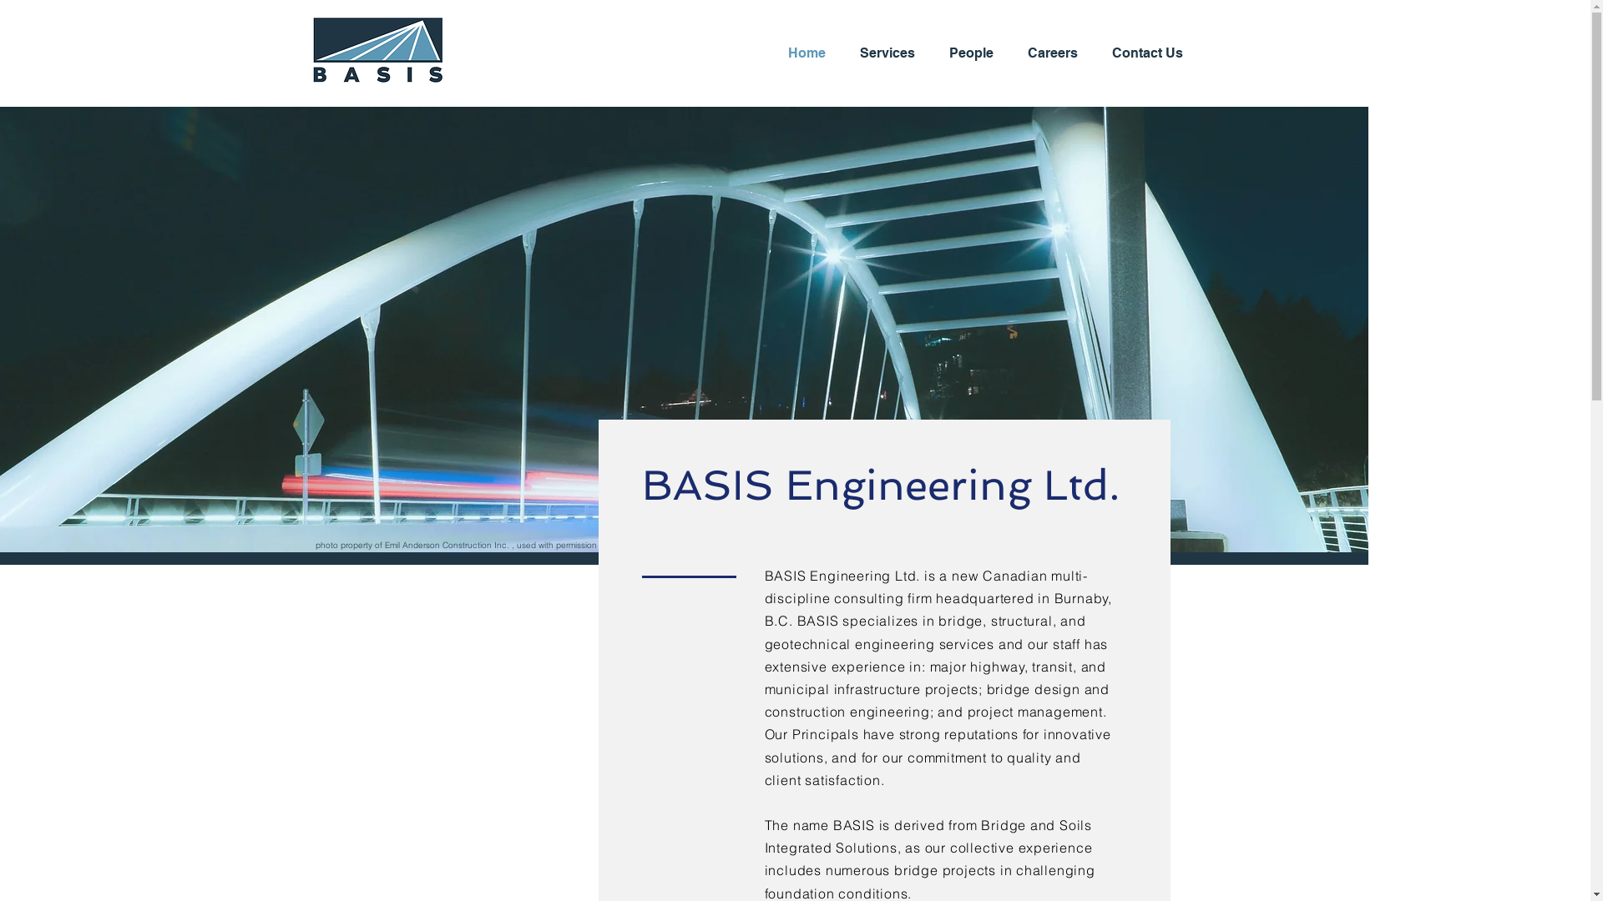 This screenshot has width=1603, height=901. I want to click on 'Home', so click(810, 53).